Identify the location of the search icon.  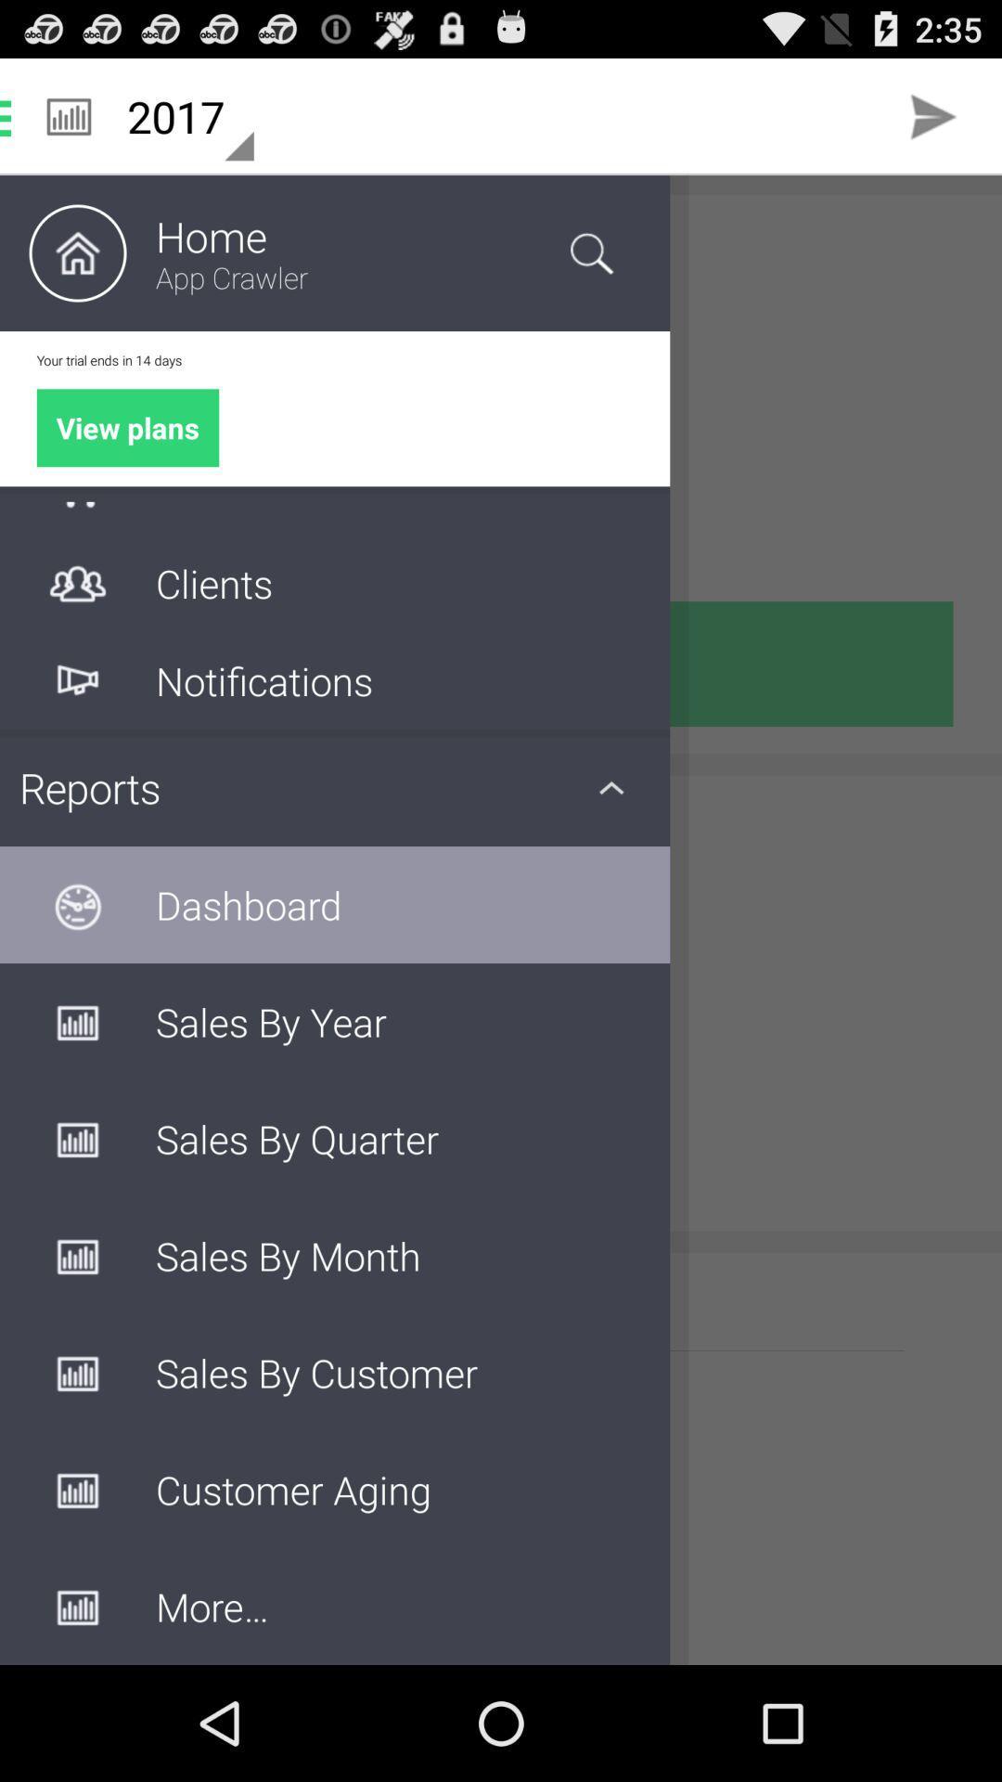
(592, 270).